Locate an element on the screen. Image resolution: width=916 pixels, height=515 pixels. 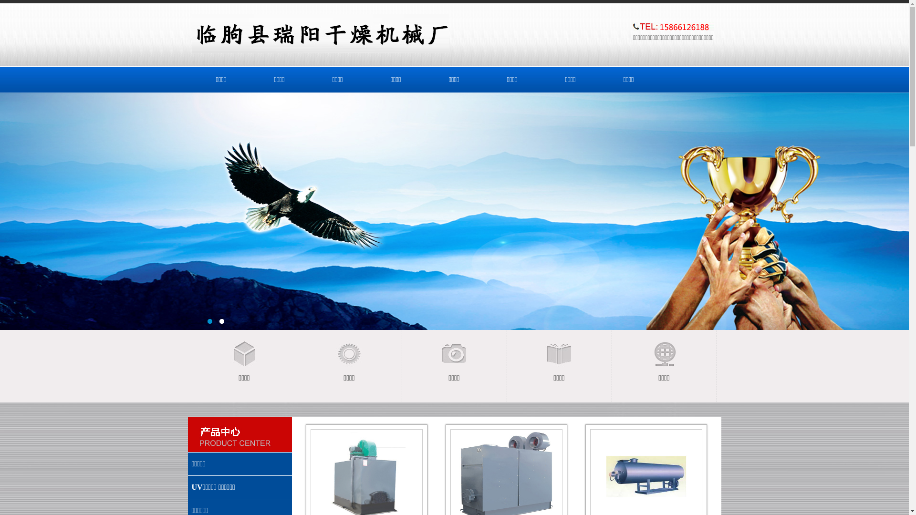
'1' is located at coordinates (207, 323).